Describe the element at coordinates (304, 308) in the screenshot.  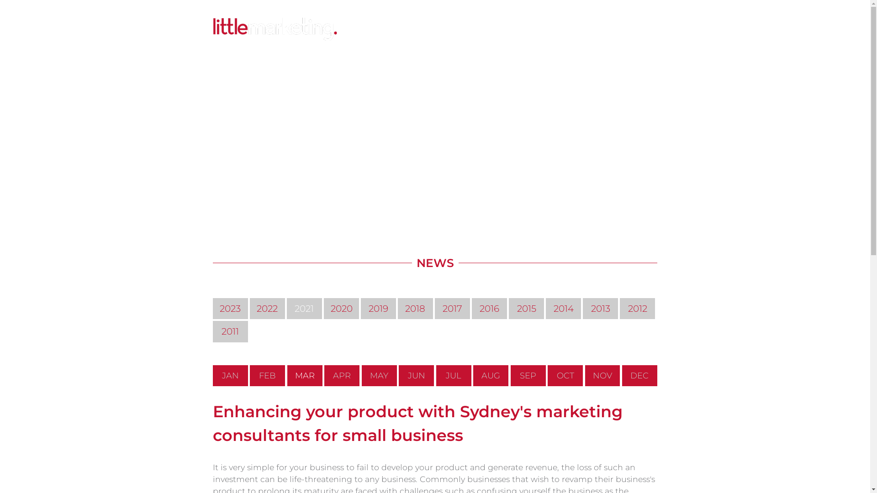
I see `'2021'` at that location.